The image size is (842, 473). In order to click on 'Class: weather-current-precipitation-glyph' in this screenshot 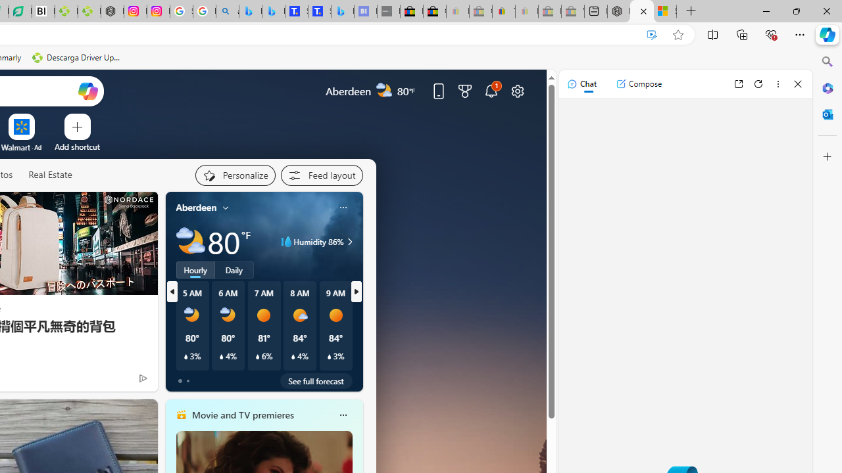, I will do `click(329, 357)`.